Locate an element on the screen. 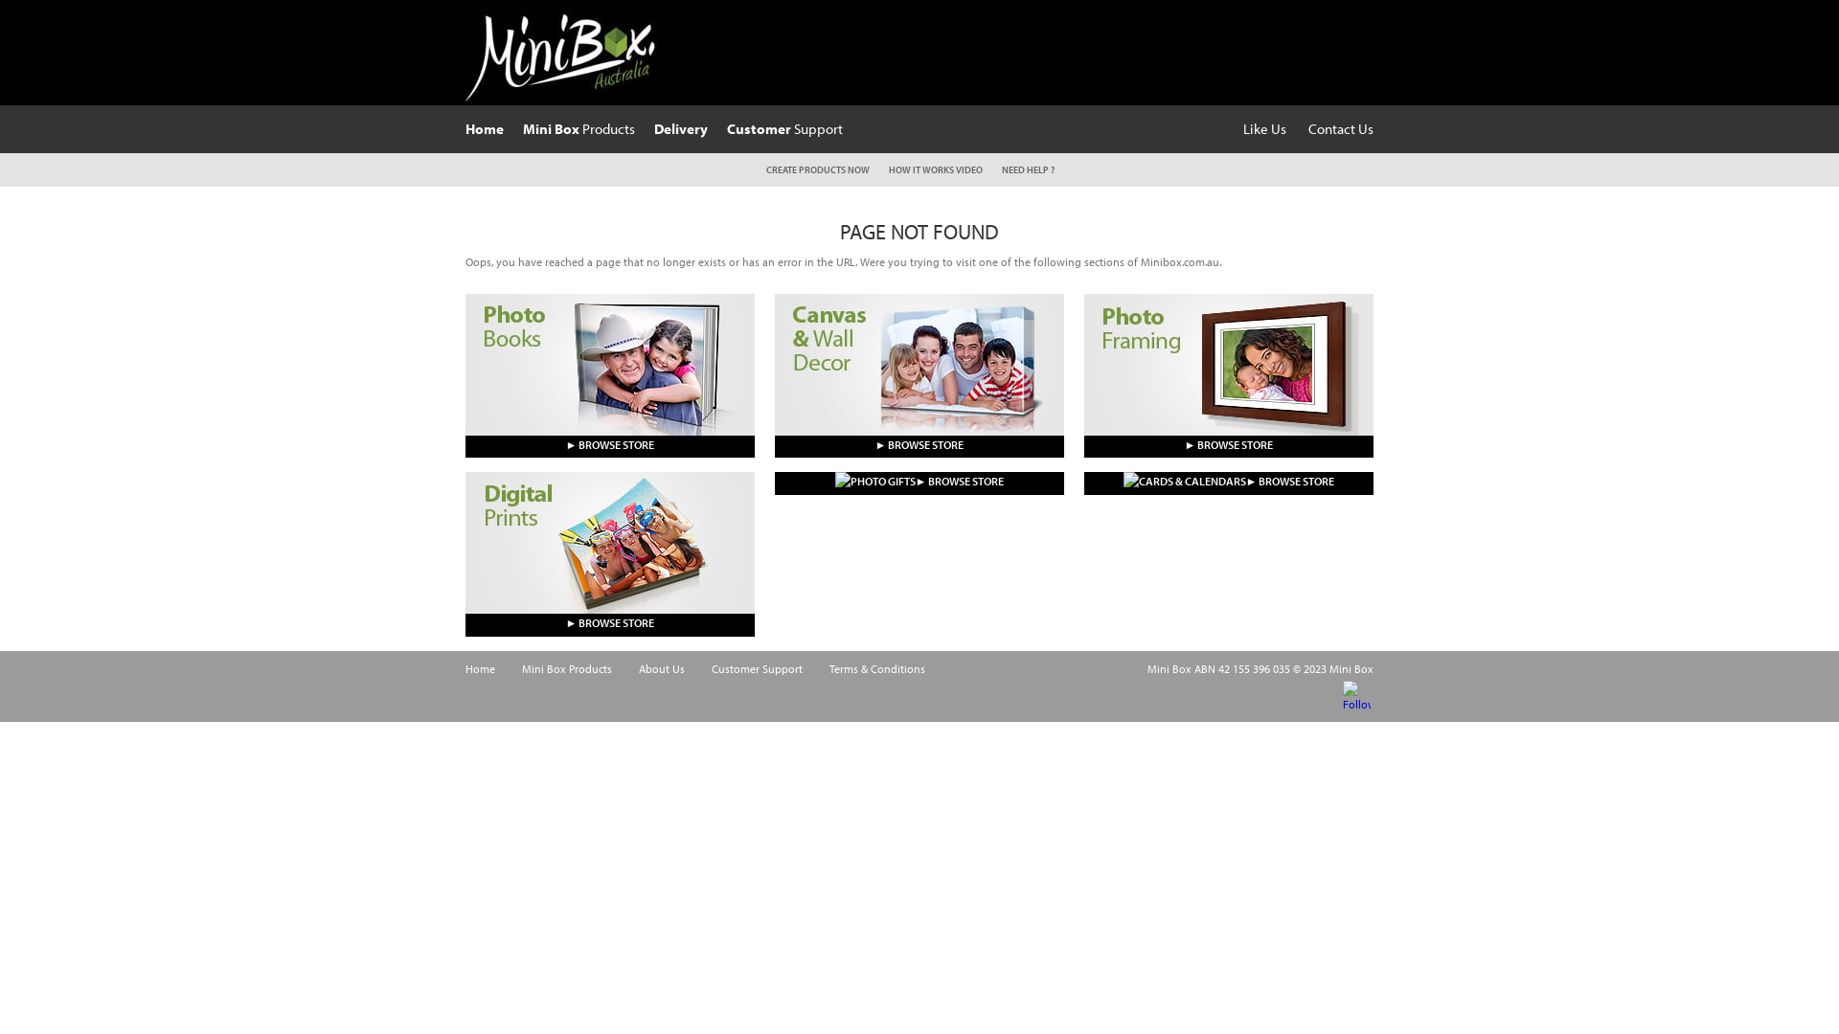 This screenshot has width=1839, height=1034. 'Terms & Conditions' is located at coordinates (876, 667).